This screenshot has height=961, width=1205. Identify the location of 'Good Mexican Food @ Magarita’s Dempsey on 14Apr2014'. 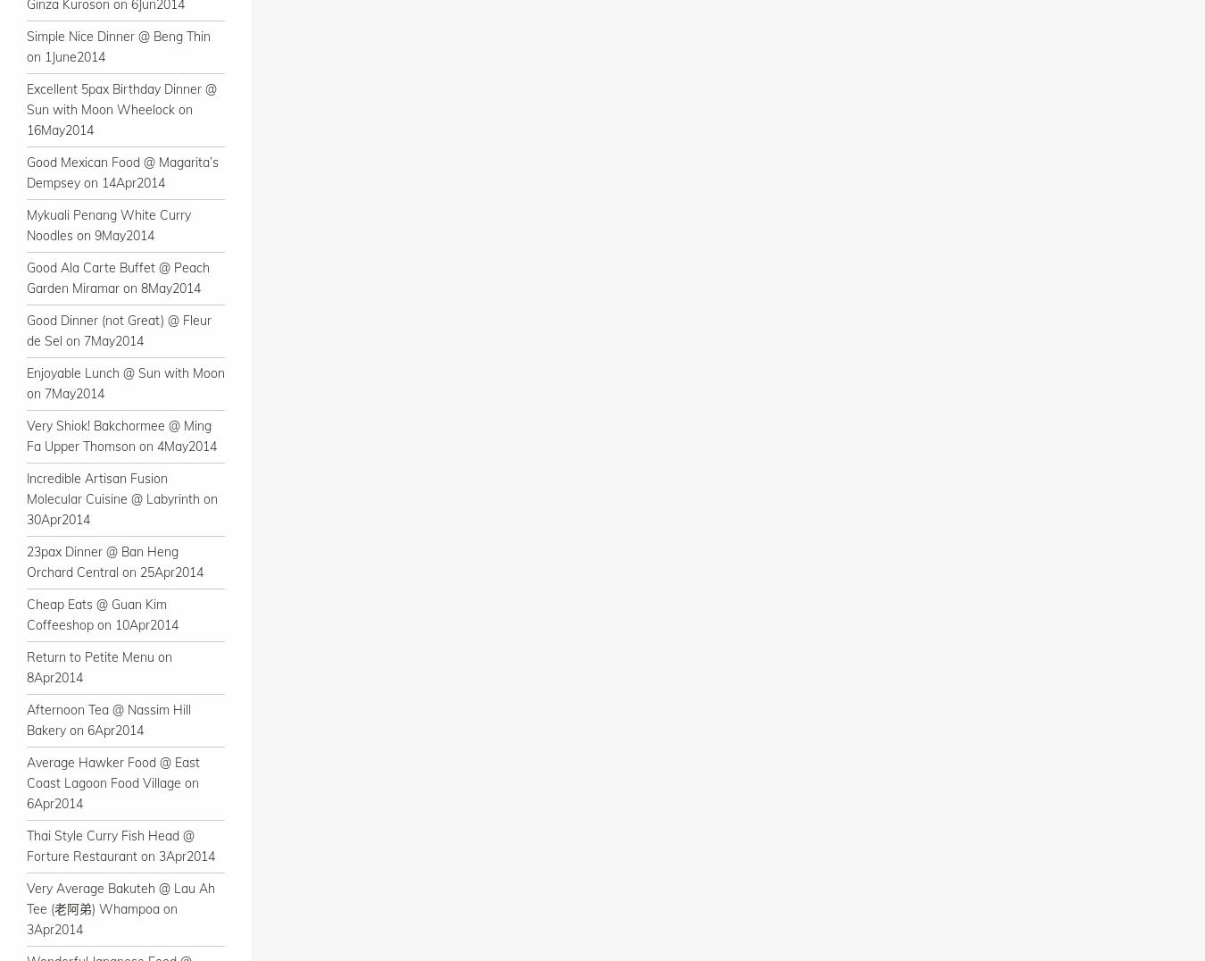
(122, 171).